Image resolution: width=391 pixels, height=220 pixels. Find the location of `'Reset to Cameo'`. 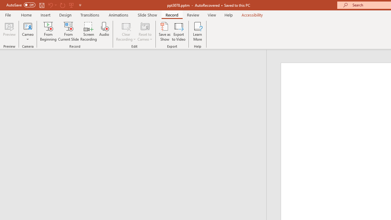

'Reset to Cameo' is located at coordinates (144, 31).